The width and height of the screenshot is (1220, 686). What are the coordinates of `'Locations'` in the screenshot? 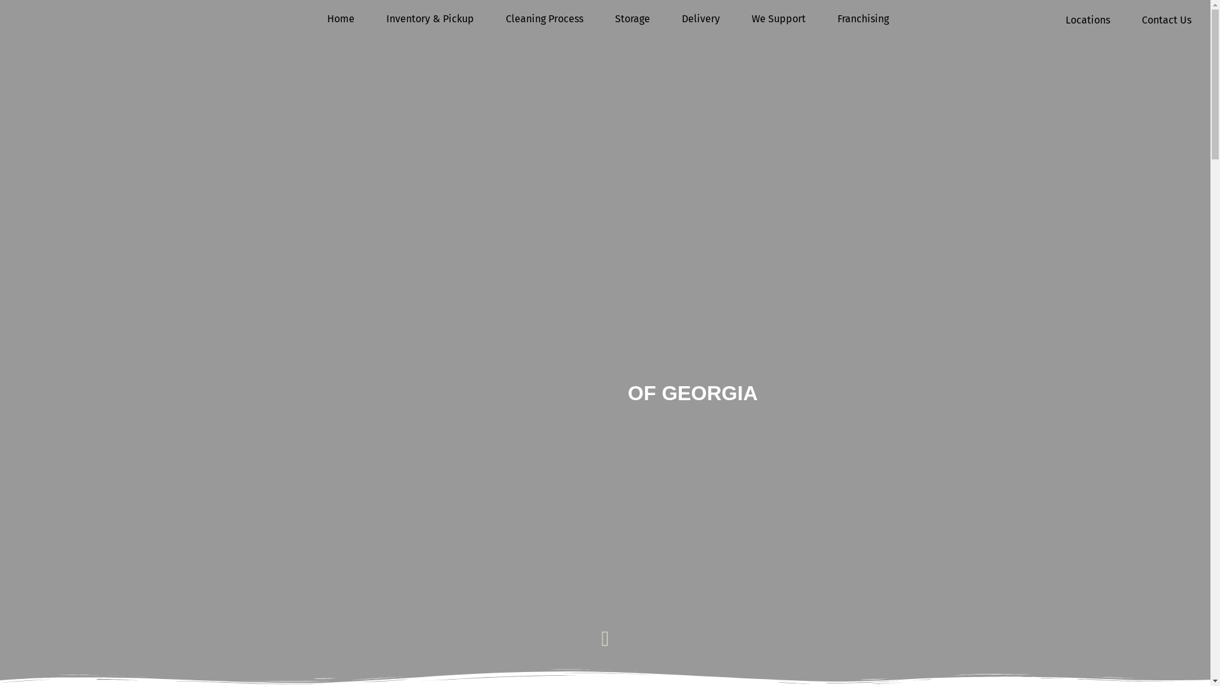 It's located at (1055, 20).